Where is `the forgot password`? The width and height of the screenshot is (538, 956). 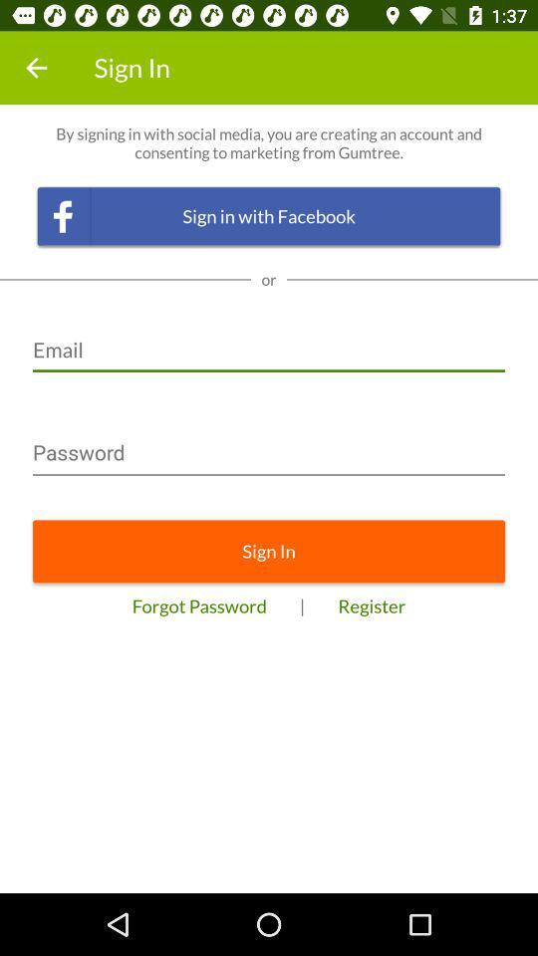
the forgot password is located at coordinates (199, 604).